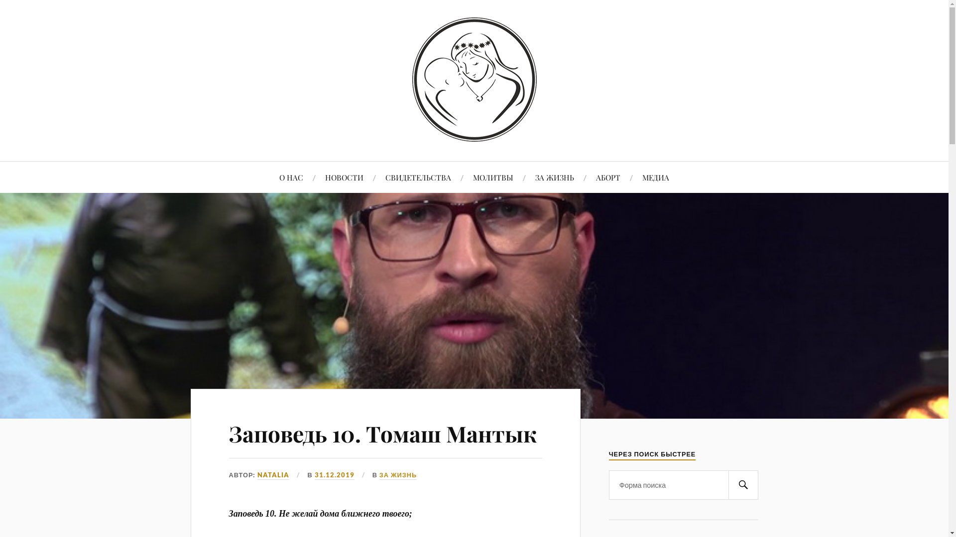  What do you see at coordinates (335, 475) in the screenshot?
I see `'31.12.2019'` at bounding box center [335, 475].